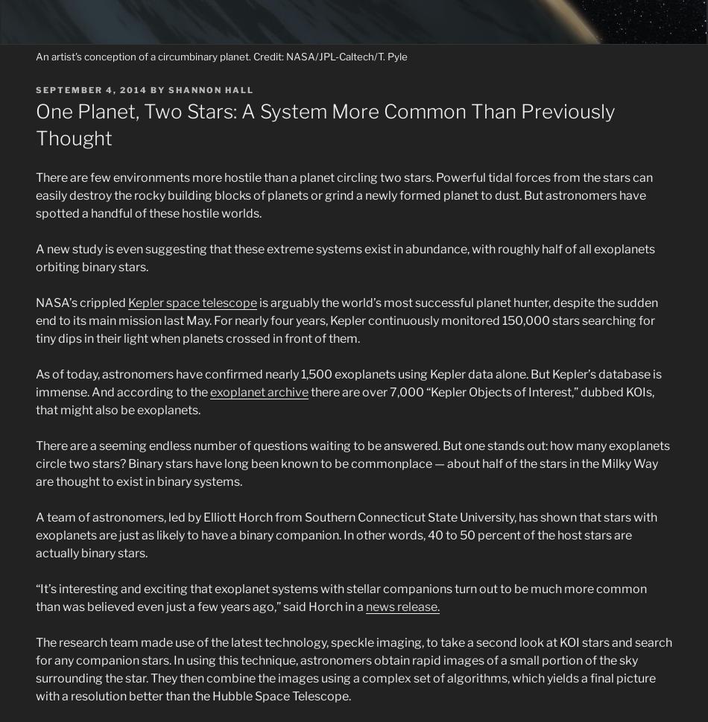  I want to click on 'An artist's conception of a circumbinary planet. Credit: NASA/JPL-Caltech/T. Pyle', so click(221, 55).